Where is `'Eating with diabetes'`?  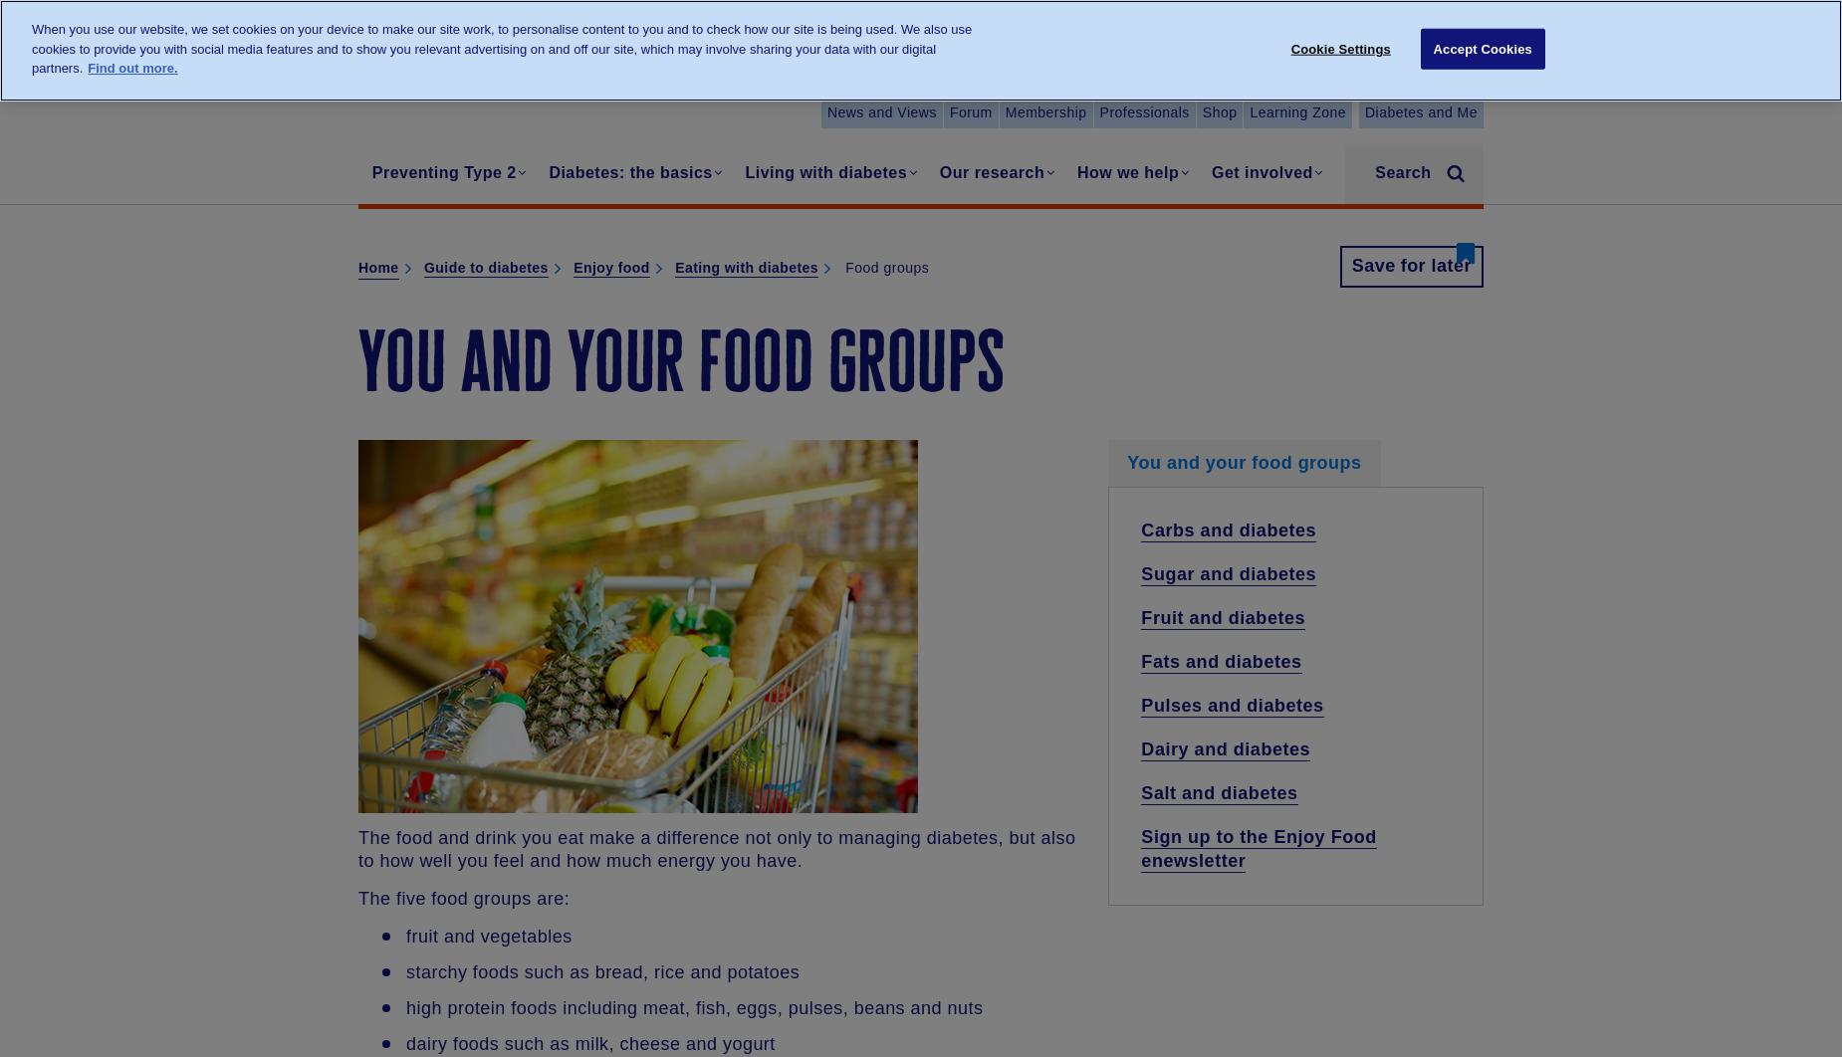 'Eating with diabetes' is located at coordinates (746, 267).